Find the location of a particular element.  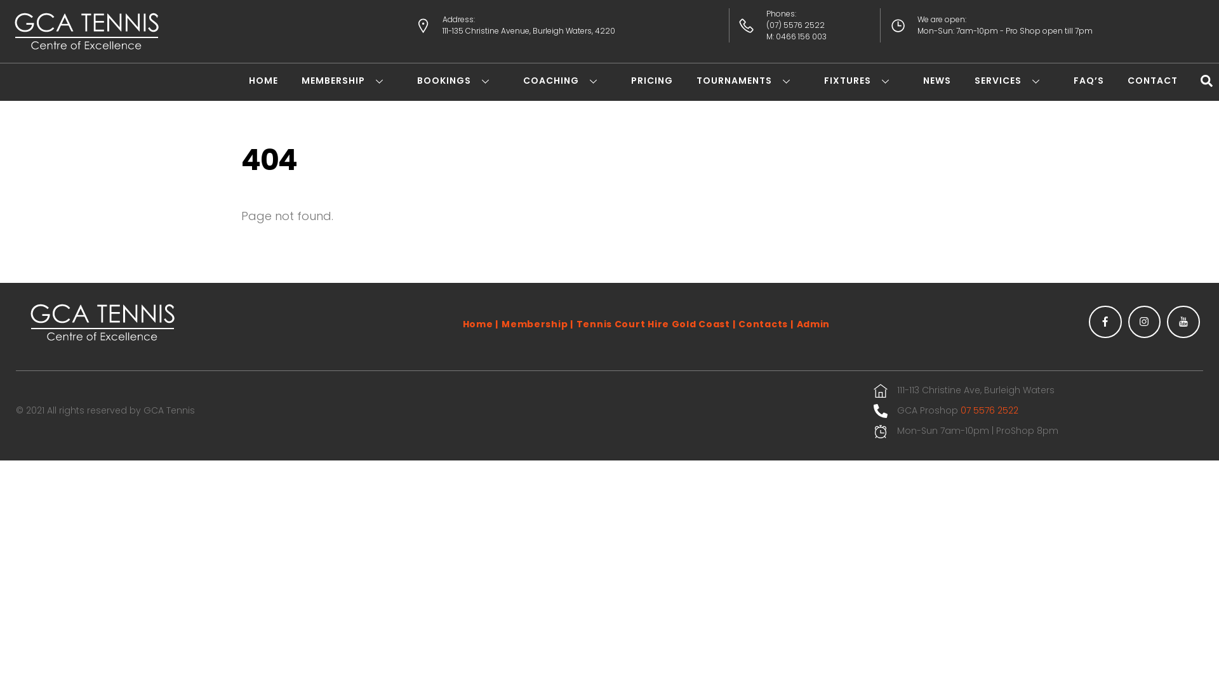

'HOME' is located at coordinates (262, 81).